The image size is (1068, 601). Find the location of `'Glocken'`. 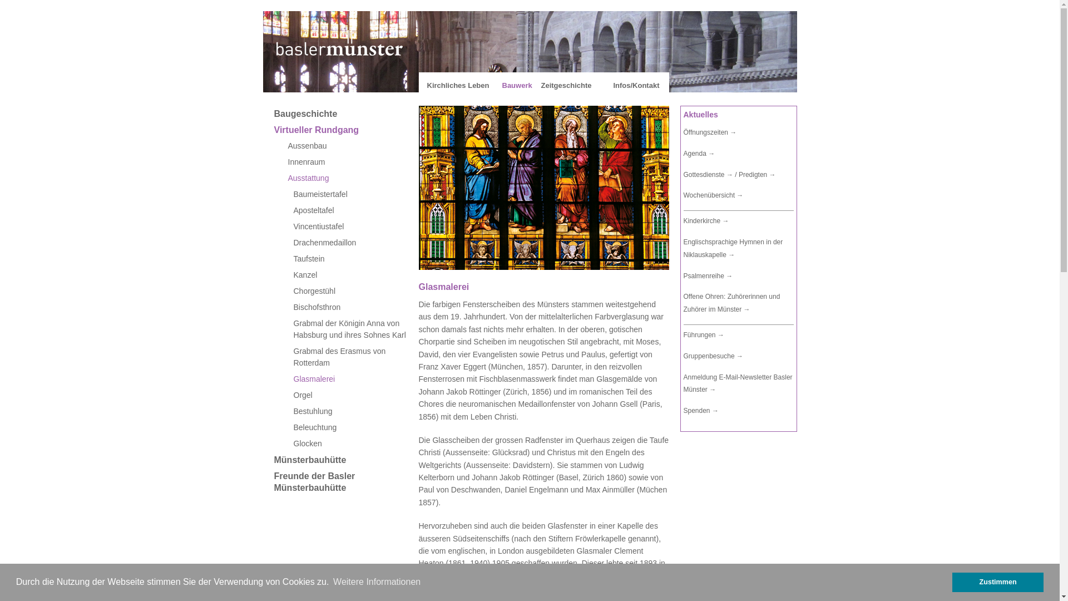

'Glocken' is located at coordinates (348, 443).